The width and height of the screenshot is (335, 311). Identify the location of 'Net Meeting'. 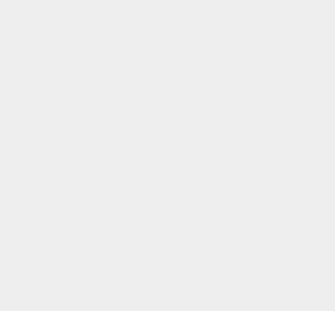
(247, 106).